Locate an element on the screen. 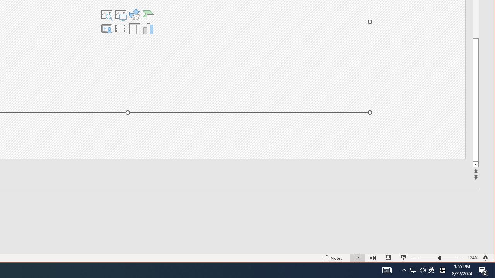 The height and width of the screenshot is (278, 495). 'Action Center, 2 new notifications' is located at coordinates (483, 270).